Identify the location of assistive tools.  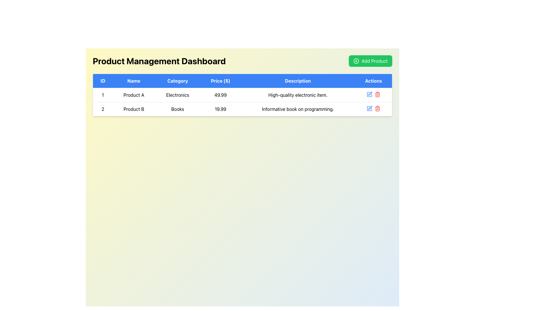
(103, 95).